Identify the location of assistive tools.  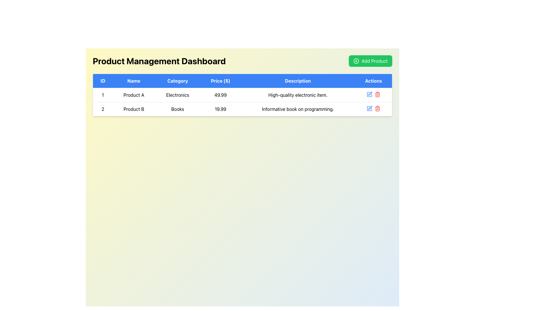
(103, 95).